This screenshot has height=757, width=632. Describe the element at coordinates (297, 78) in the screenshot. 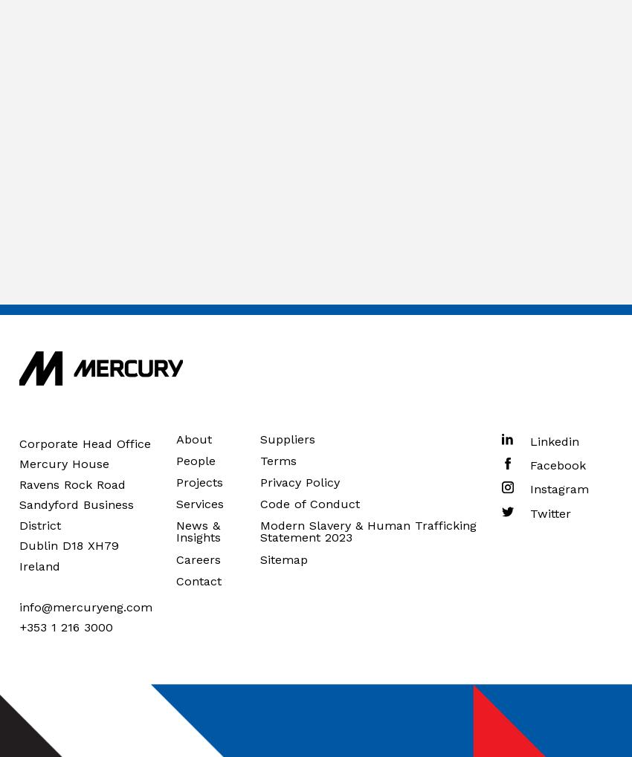

I see `'27th October 2023'` at that location.